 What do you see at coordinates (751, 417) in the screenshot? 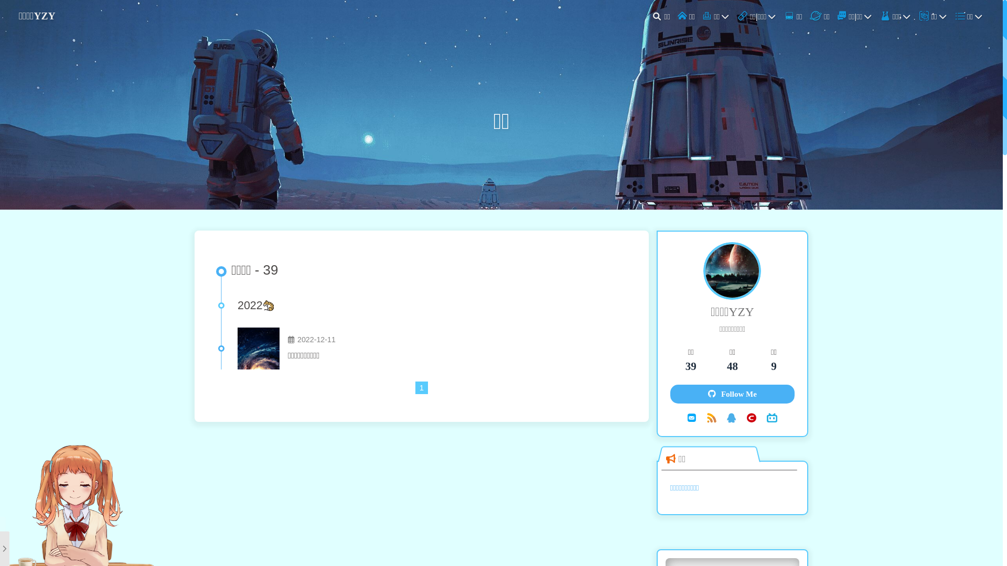
I see `'CSDN'` at bounding box center [751, 417].